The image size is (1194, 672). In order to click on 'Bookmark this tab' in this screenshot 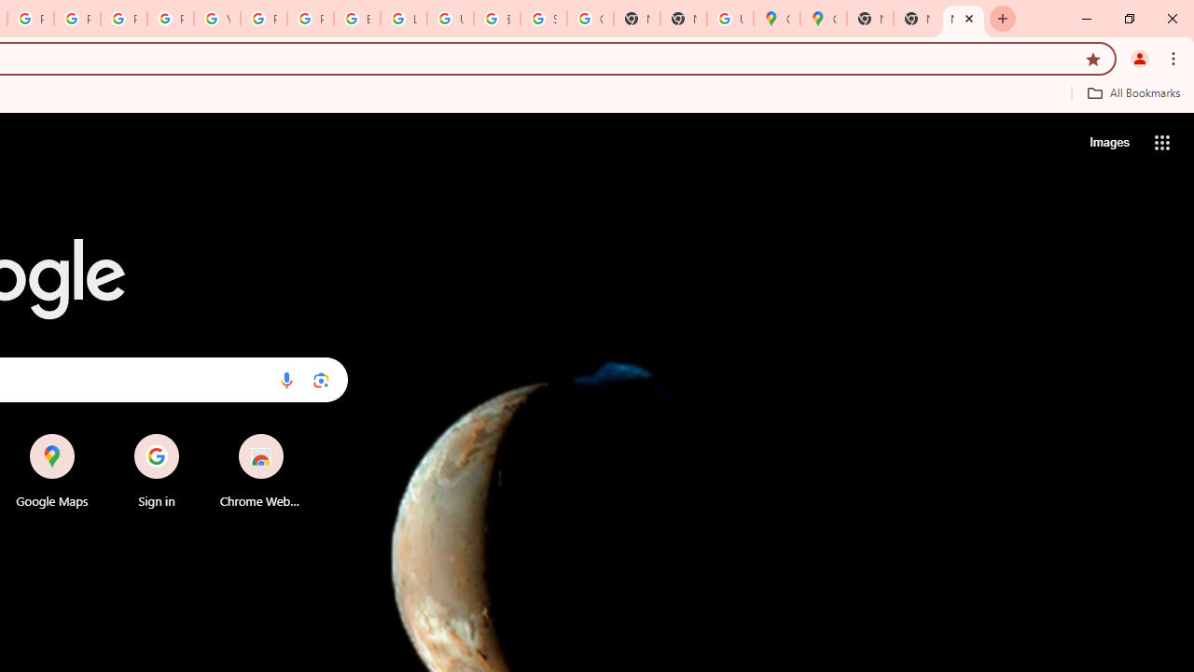, I will do `click(1092, 57)`.